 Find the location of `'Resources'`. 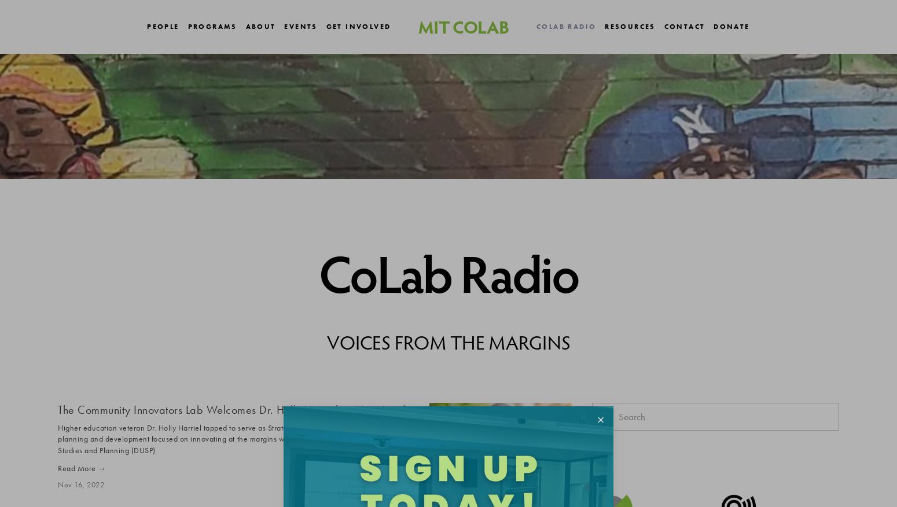

'Resources' is located at coordinates (605, 25).